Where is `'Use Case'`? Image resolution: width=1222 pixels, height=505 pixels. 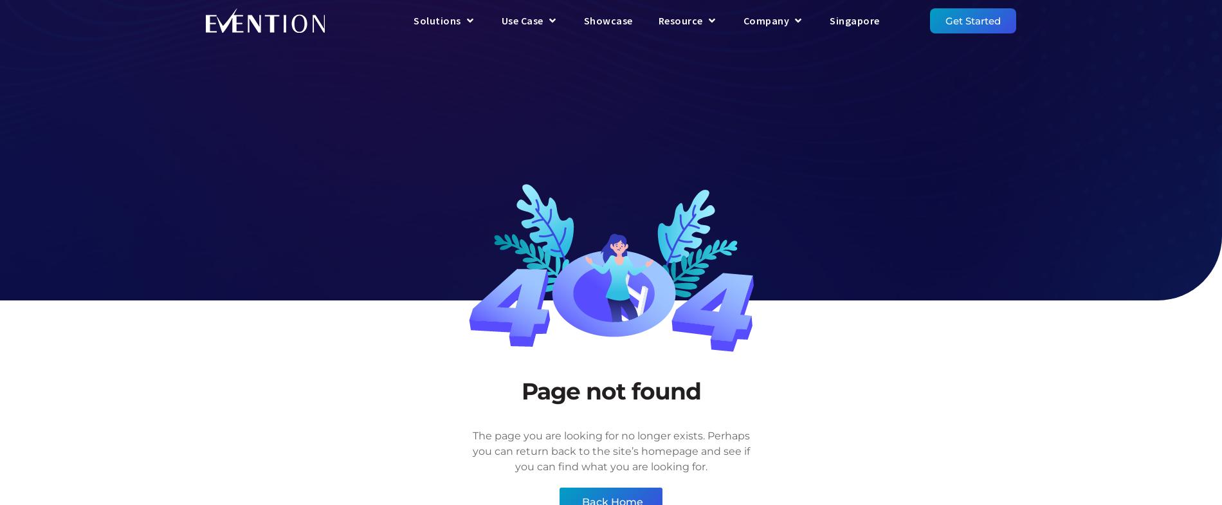 'Use Case' is located at coordinates (521, 20).